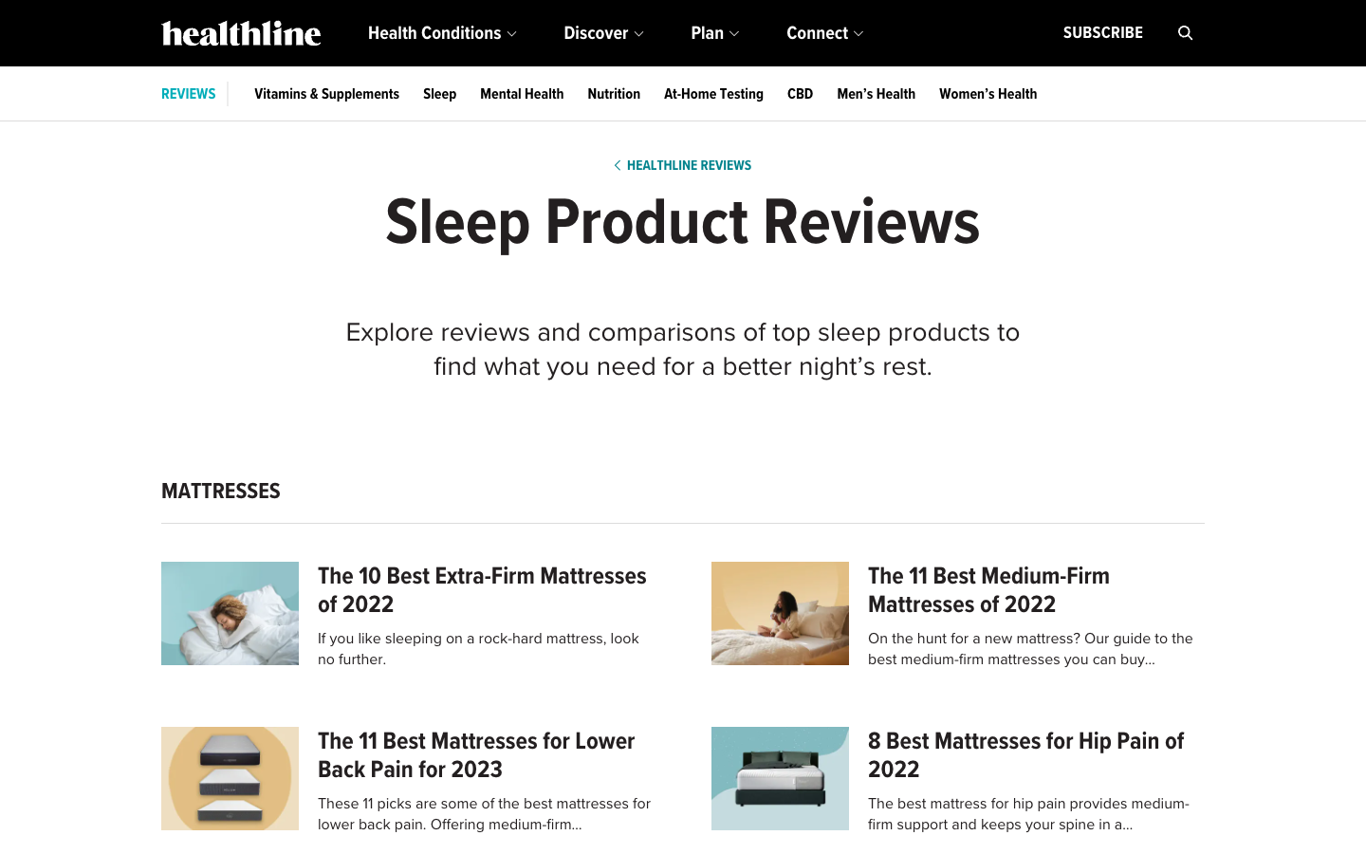 This screenshot has width=1366, height=854. Describe the element at coordinates (712, 93) in the screenshot. I see `What is latest about home testing` at that location.